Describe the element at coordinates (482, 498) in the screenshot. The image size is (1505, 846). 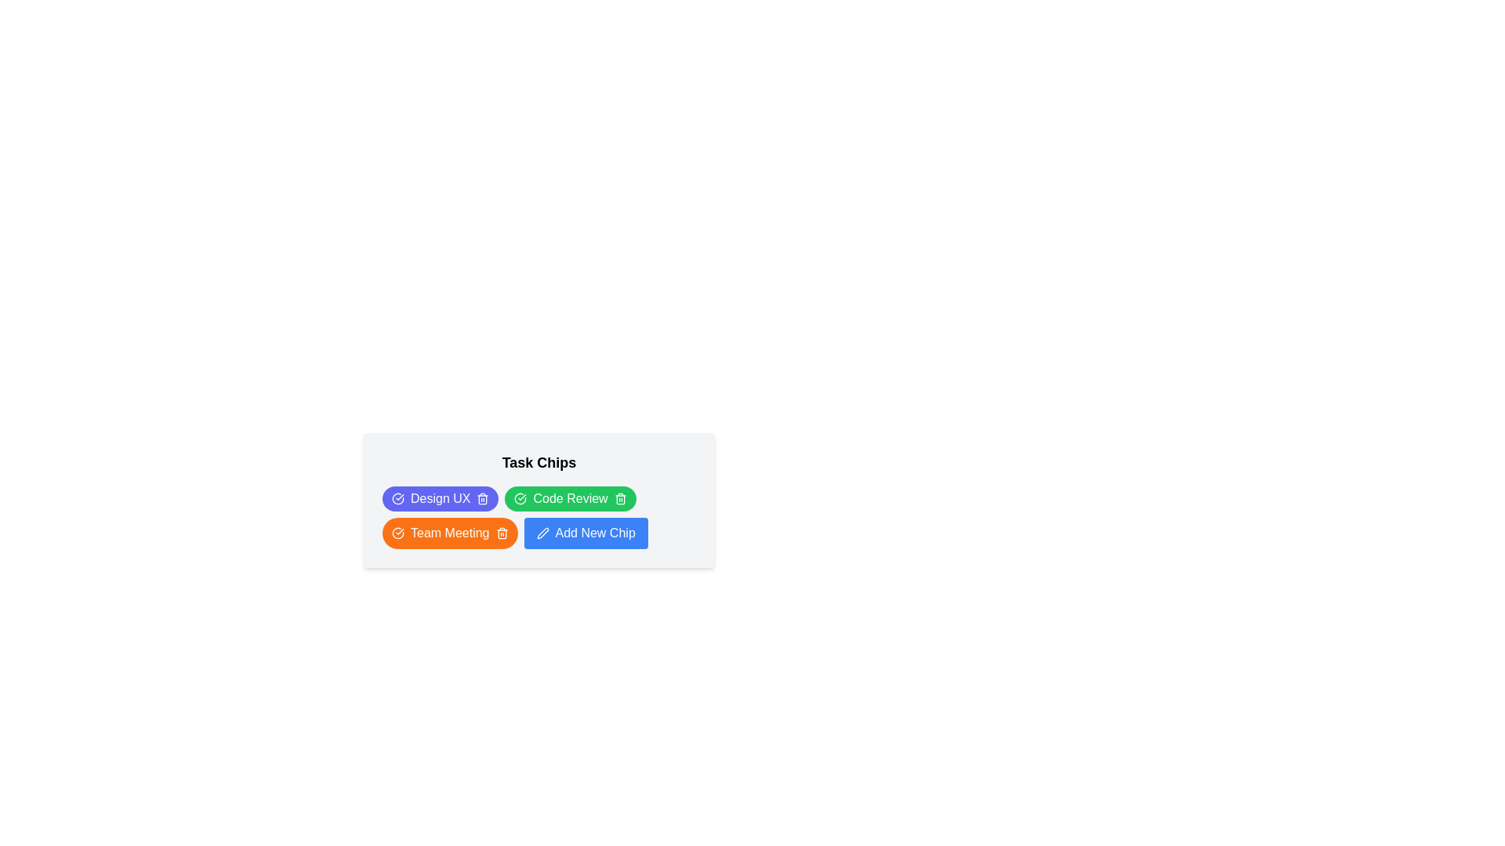
I see `the trash can icon button located at the end of the 'Design UX' chip, which is styled with a stroke of 'currentColor' and has a hover effect that changes its opacity` at that location.